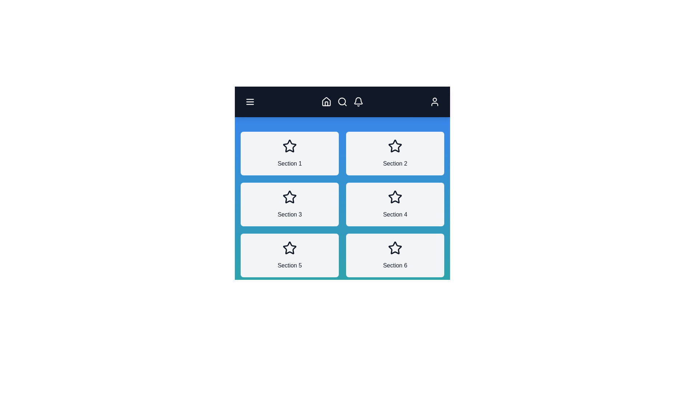 Image resolution: width=698 pixels, height=393 pixels. What do you see at coordinates (358, 102) in the screenshot?
I see `the bell icon to view notifications` at bounding box center [358, 102].